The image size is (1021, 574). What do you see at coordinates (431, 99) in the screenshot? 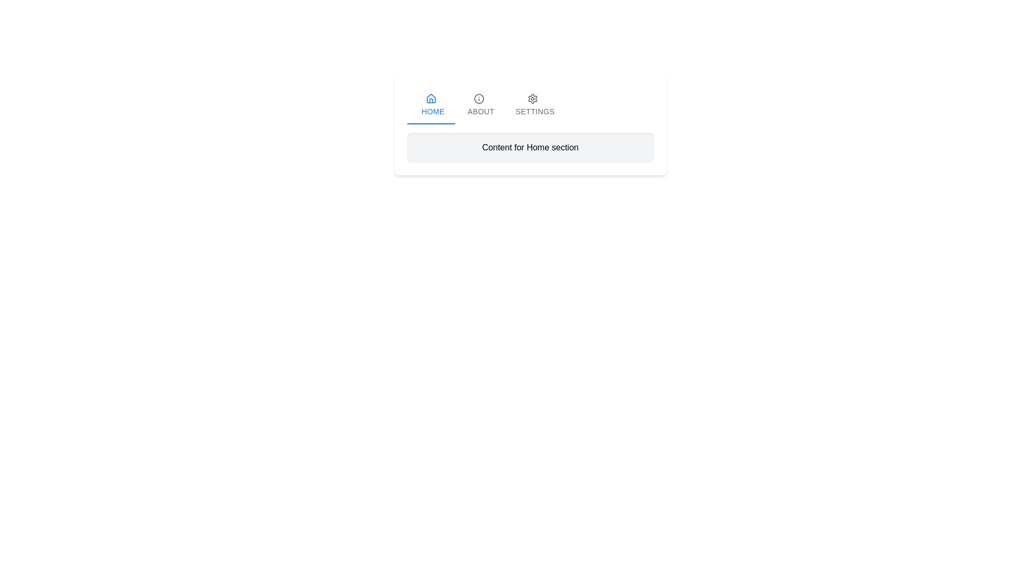
I see `the visual state of the 'Home' tab icon, which is located at the leftmost side of the tab navigation bar, above the text label 'Home'` at bounding box center [431, 99].